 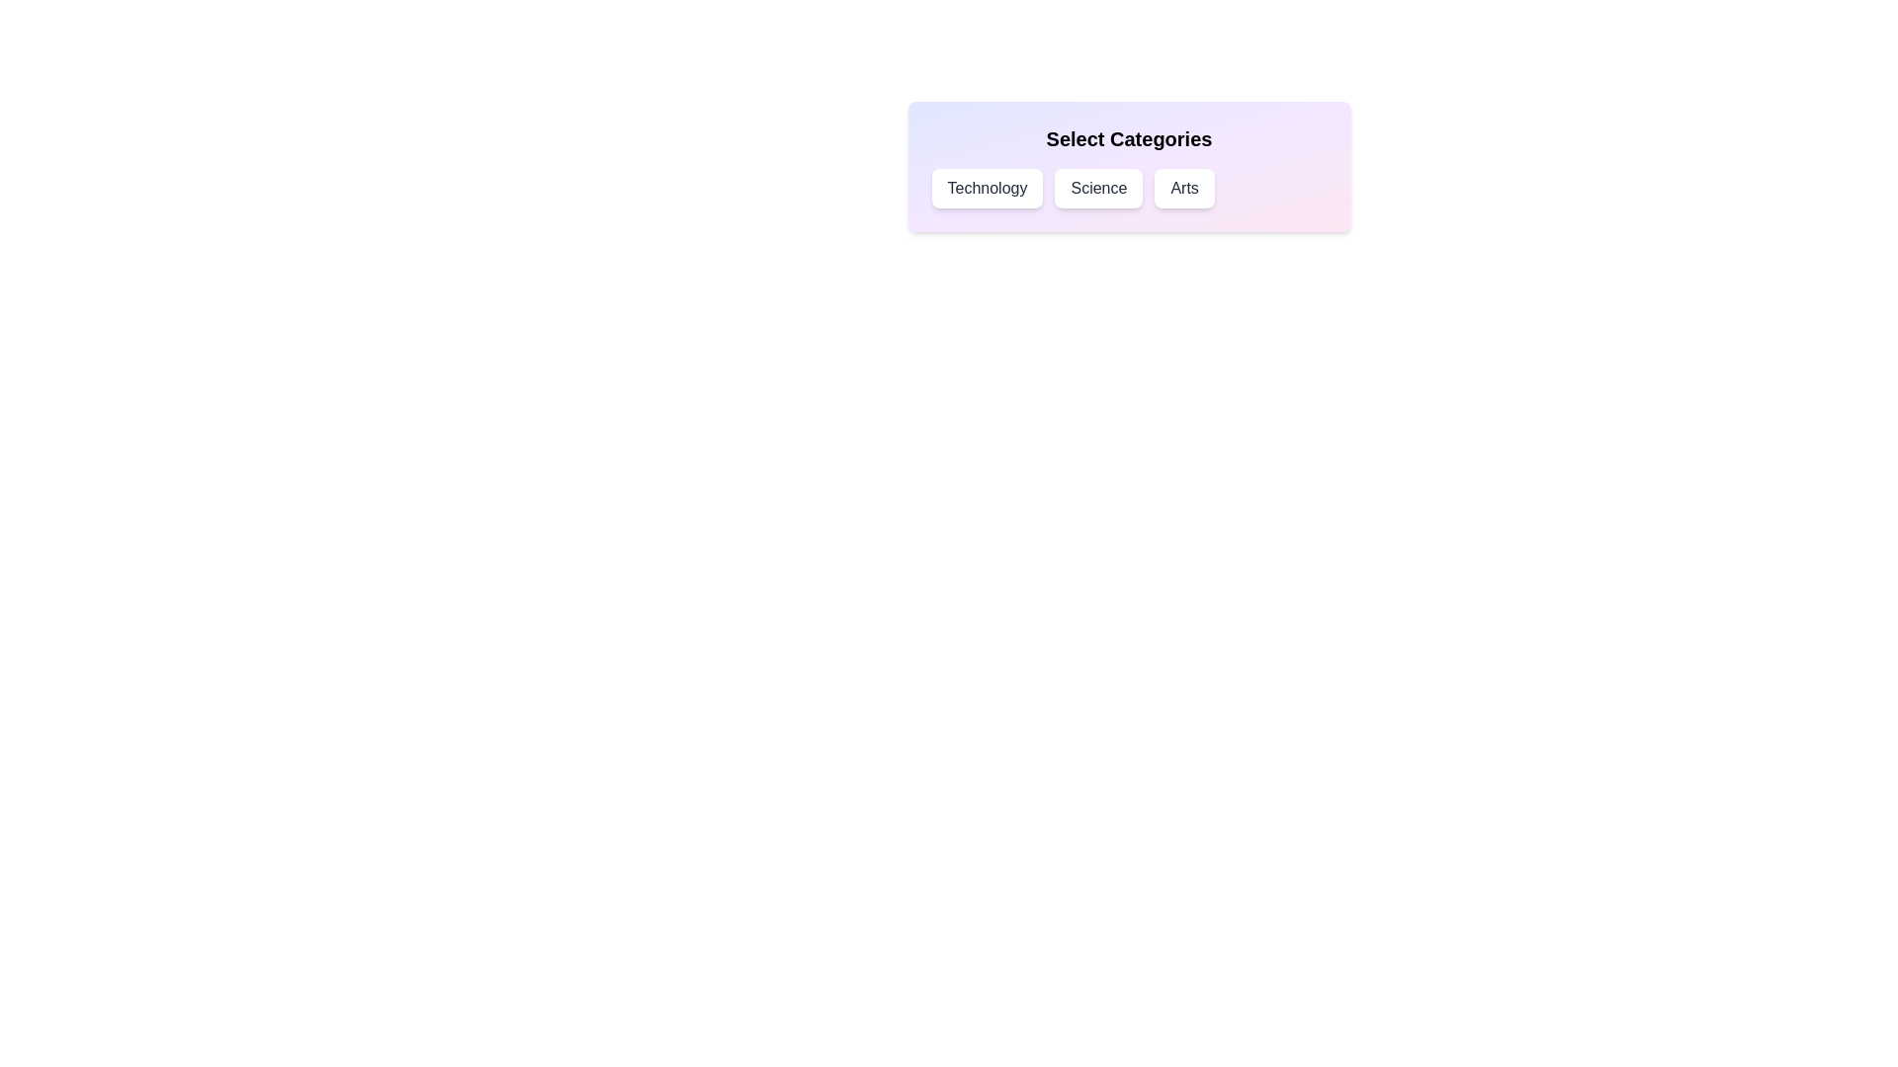 I want to click on the Science chip to toggle its selection state, so click(x=1097, y=189).